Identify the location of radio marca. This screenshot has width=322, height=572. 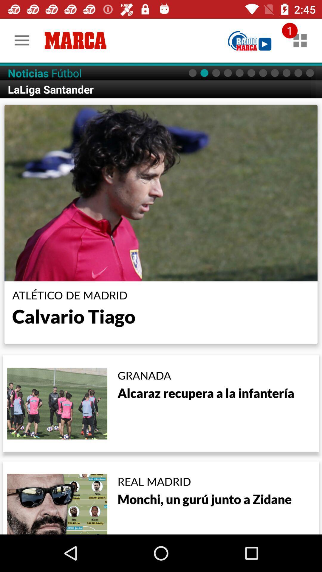
(250, 40).